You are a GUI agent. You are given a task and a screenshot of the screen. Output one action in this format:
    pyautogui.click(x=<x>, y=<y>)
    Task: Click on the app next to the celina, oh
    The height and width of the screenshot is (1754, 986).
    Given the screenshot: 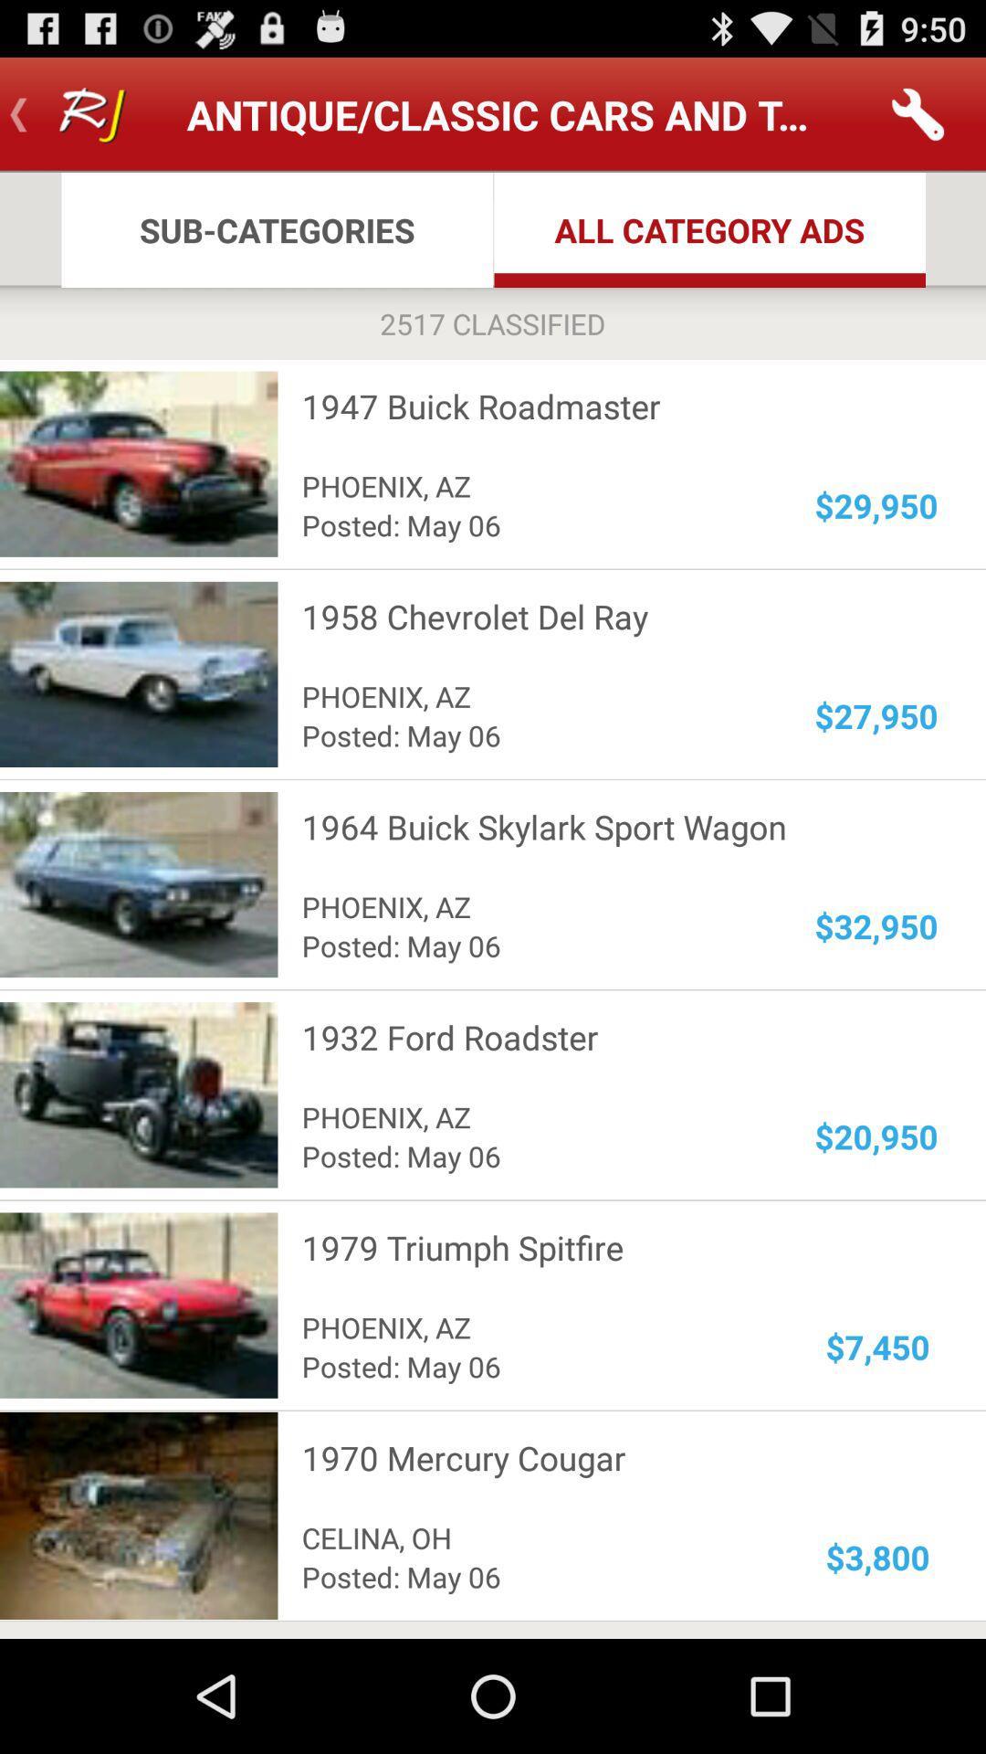 What is the action you would take?
    pyautogui.click(x=876, y=1556)
    